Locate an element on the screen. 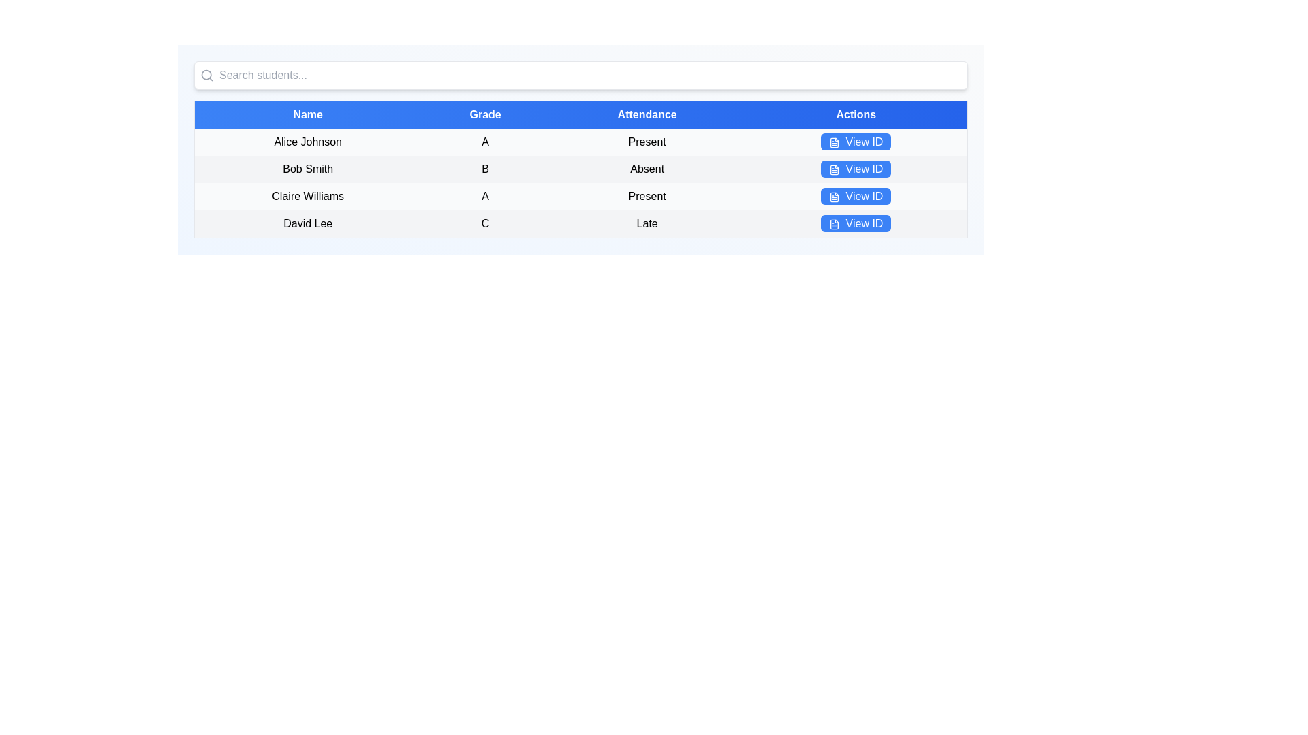 The image size is (1308, 735). the blue rectangular button labeled 'View ID' in the 'Actions' column of the table for the student 'David Lee' is located at coordinates (855, 223).